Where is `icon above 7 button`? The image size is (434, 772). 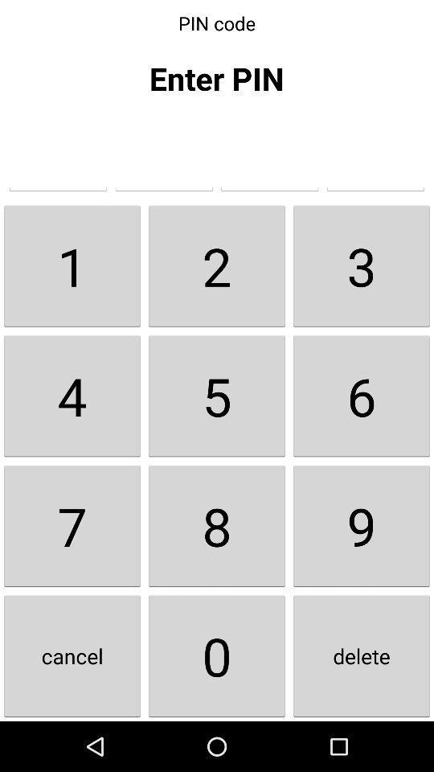 icon above 7 button is located at coordinates (72, 395).